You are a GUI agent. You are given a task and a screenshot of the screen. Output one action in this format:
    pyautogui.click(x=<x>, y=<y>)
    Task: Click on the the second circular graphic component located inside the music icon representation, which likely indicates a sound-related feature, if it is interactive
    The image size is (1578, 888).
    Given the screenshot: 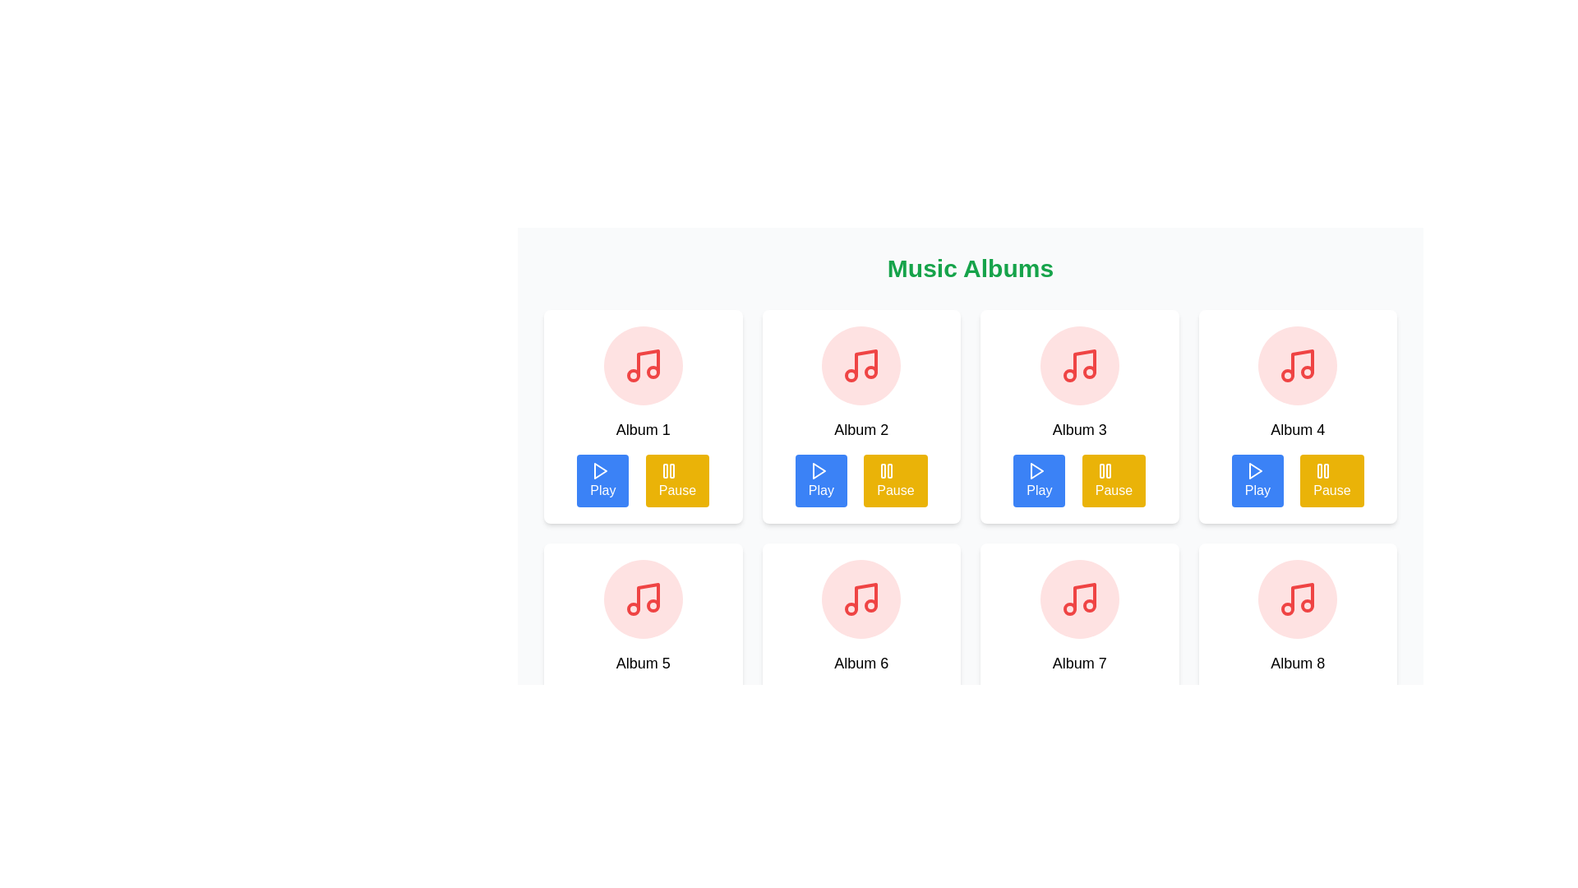 What is the action you would take?
    pyautogui.click(x=1069, y=375)
    